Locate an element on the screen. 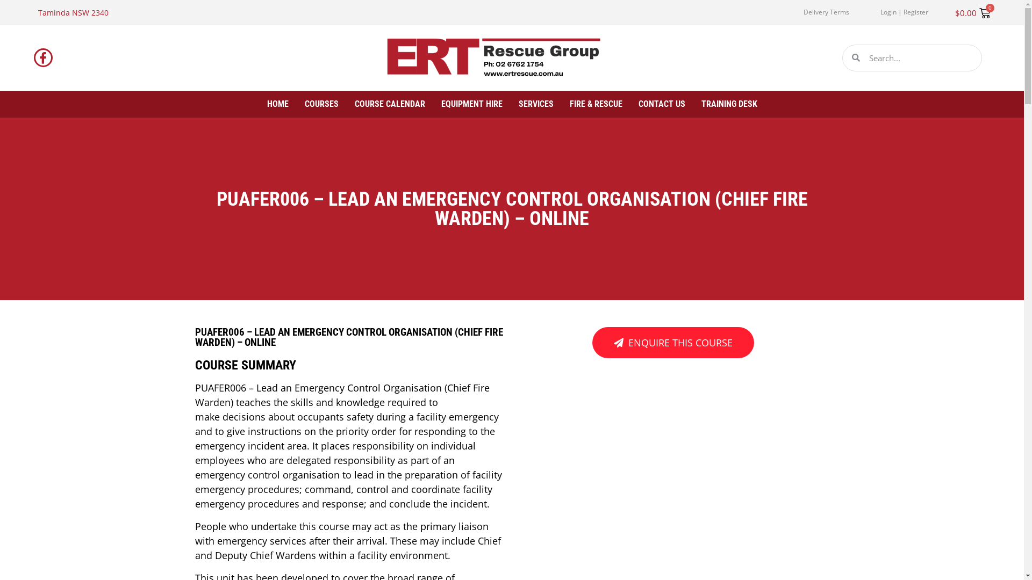 This screenshot has width=1032, height=580. 'FIRE & RESCUE' is located at coordinates (569, 104).